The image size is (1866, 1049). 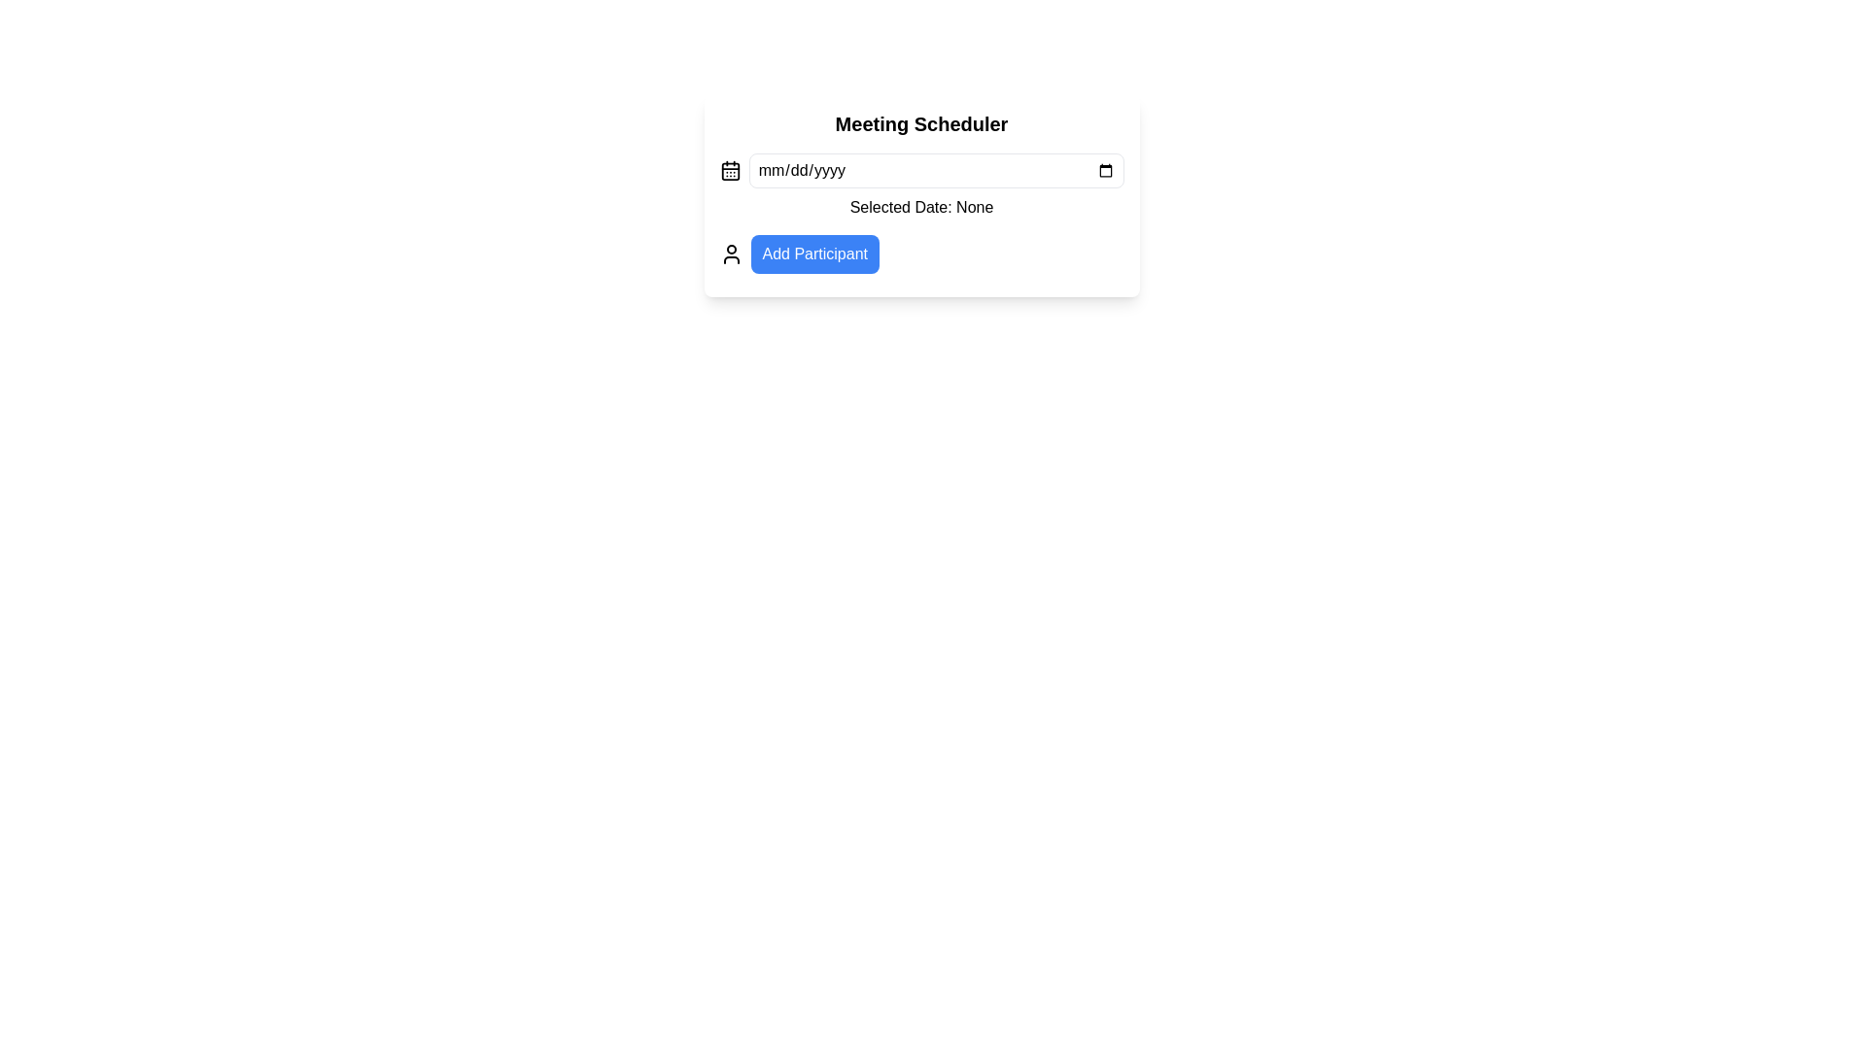 I want to click on text from the text label that displays the currently selected date, which is located below the date input field and above the 'Add Participant' button, centered within the interface panel, so click(x=920, y=207).